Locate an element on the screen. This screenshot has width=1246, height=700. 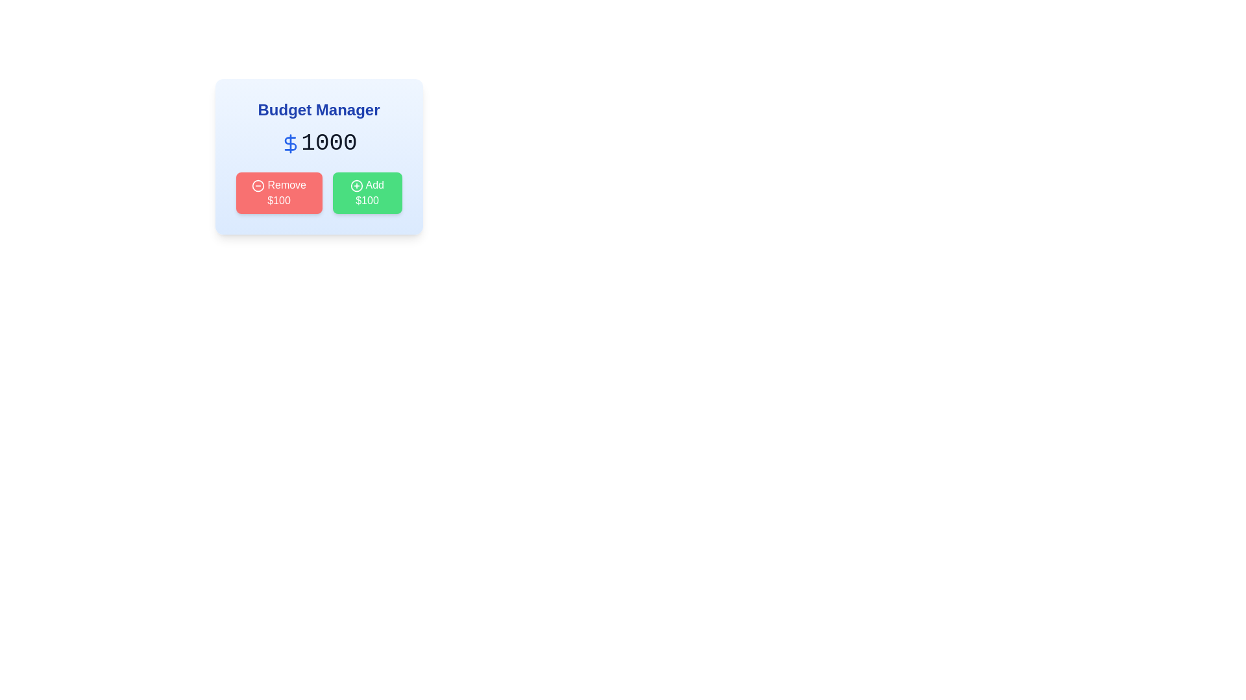
the static text display showing the number '1000', which is prominently positioned in the budget display interface and styled in a large, black monospaced typeface is located at coordinates (329, 144).